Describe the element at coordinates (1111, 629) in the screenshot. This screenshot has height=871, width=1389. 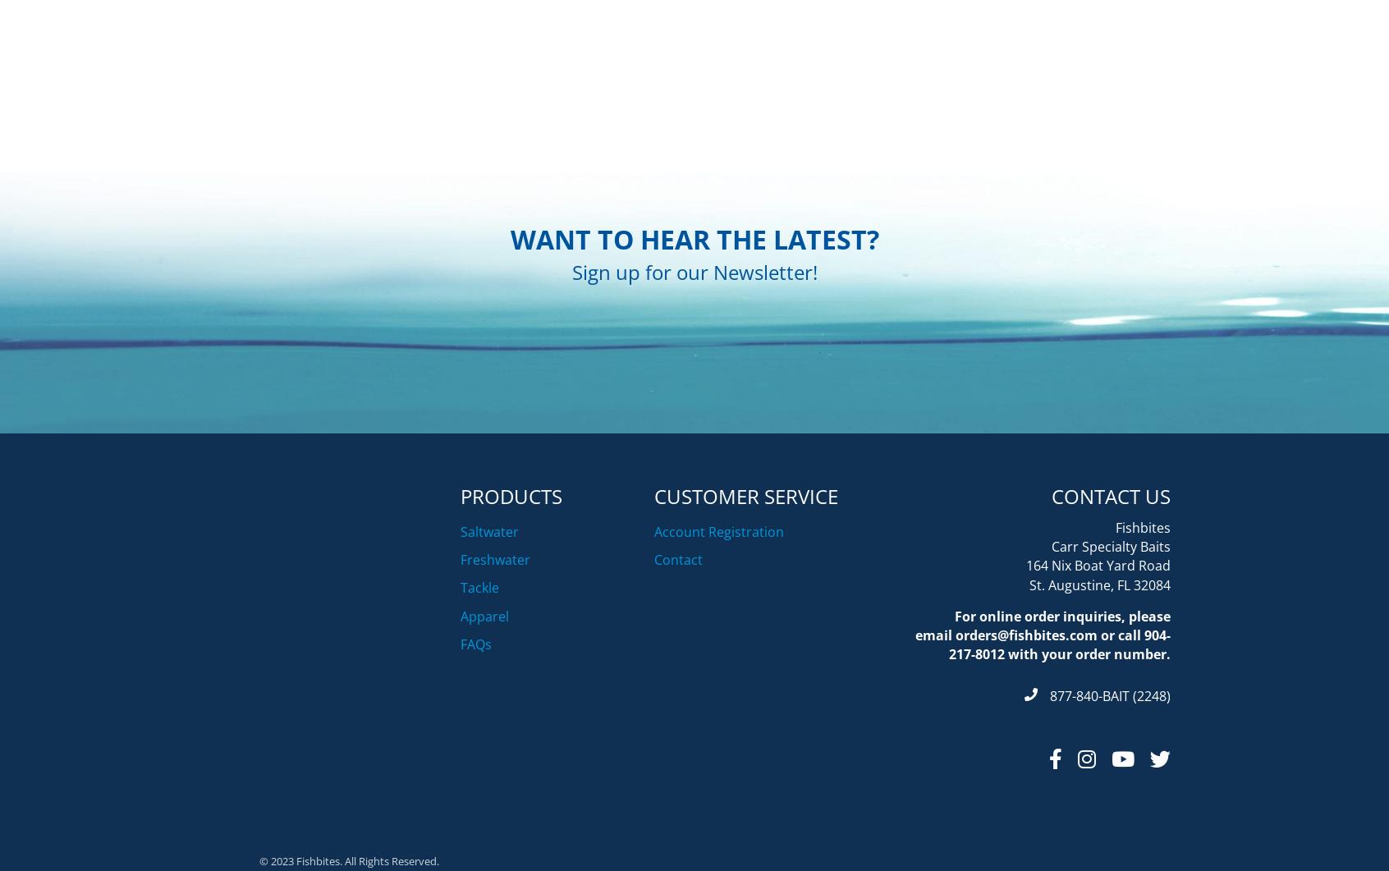
I see `'Carr Specialty Baits'` at that location.